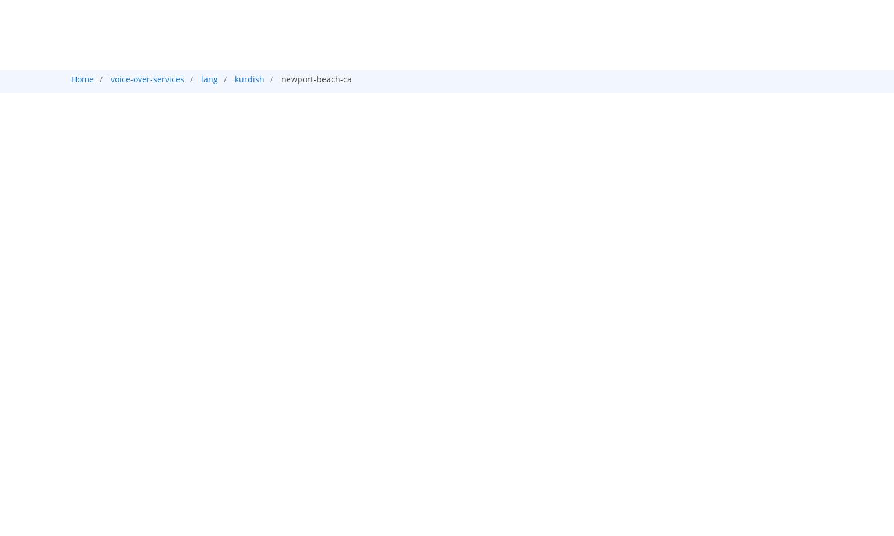  What do you see at coordinates (572, 144) in the screenshot?
I see `'Typing'` at bounding box center [572, 144].